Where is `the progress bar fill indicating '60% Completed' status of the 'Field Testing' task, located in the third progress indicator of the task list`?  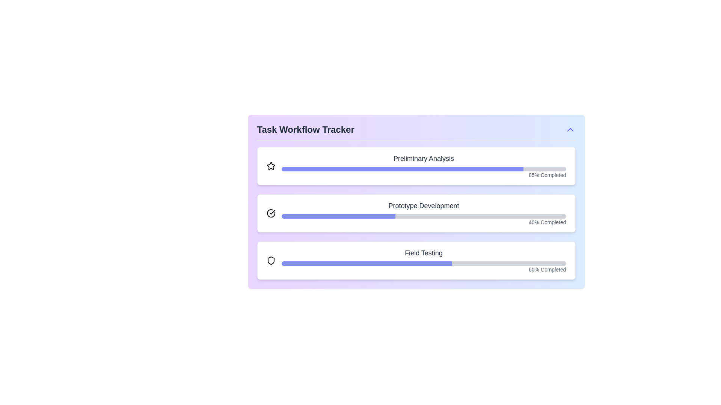 the progress bar fill indicating '60% Completed' status of the 'Field Testing' task, located in the third progress indicator of the task list is located at coordinates (367, 263).